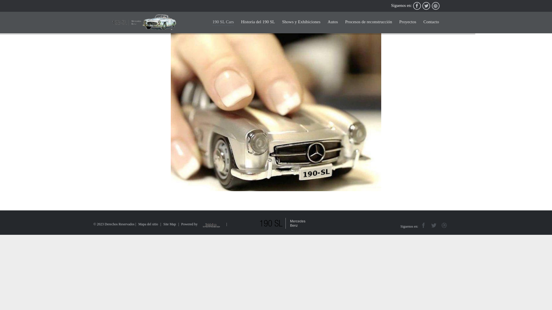 The height and width of the screenshot is (310, 552). What do you see at coordinates (407, 22) in the screenshot?
I see `'Proyectos'` at bounding box center [407, 22].